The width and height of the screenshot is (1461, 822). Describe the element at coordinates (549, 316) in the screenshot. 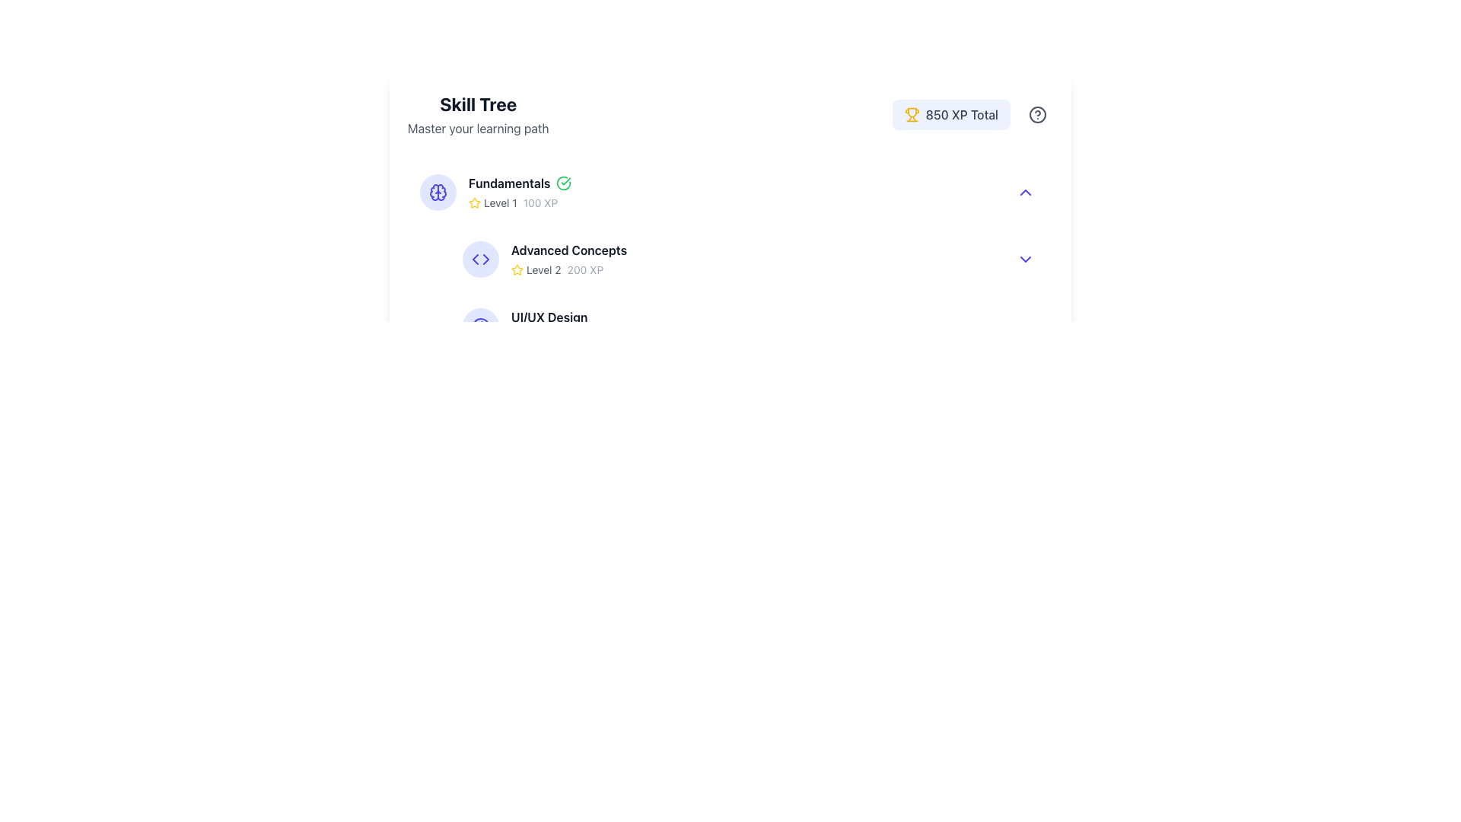

I see `the text label 'UI/UX Design', which identifies a specific skill within the 'Skill Tree' section, located below 'Advanced Concepts'` at that location.